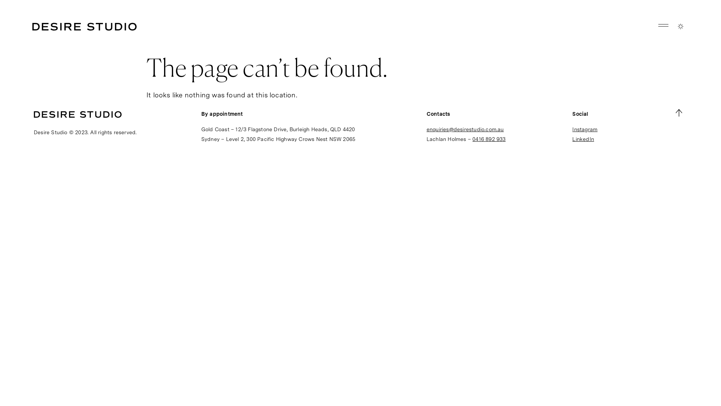 This screenshot has width=721, height=406. Describe the element at coordinates (584, 129) in the screenshot. I see `'Instagram'` at that location.